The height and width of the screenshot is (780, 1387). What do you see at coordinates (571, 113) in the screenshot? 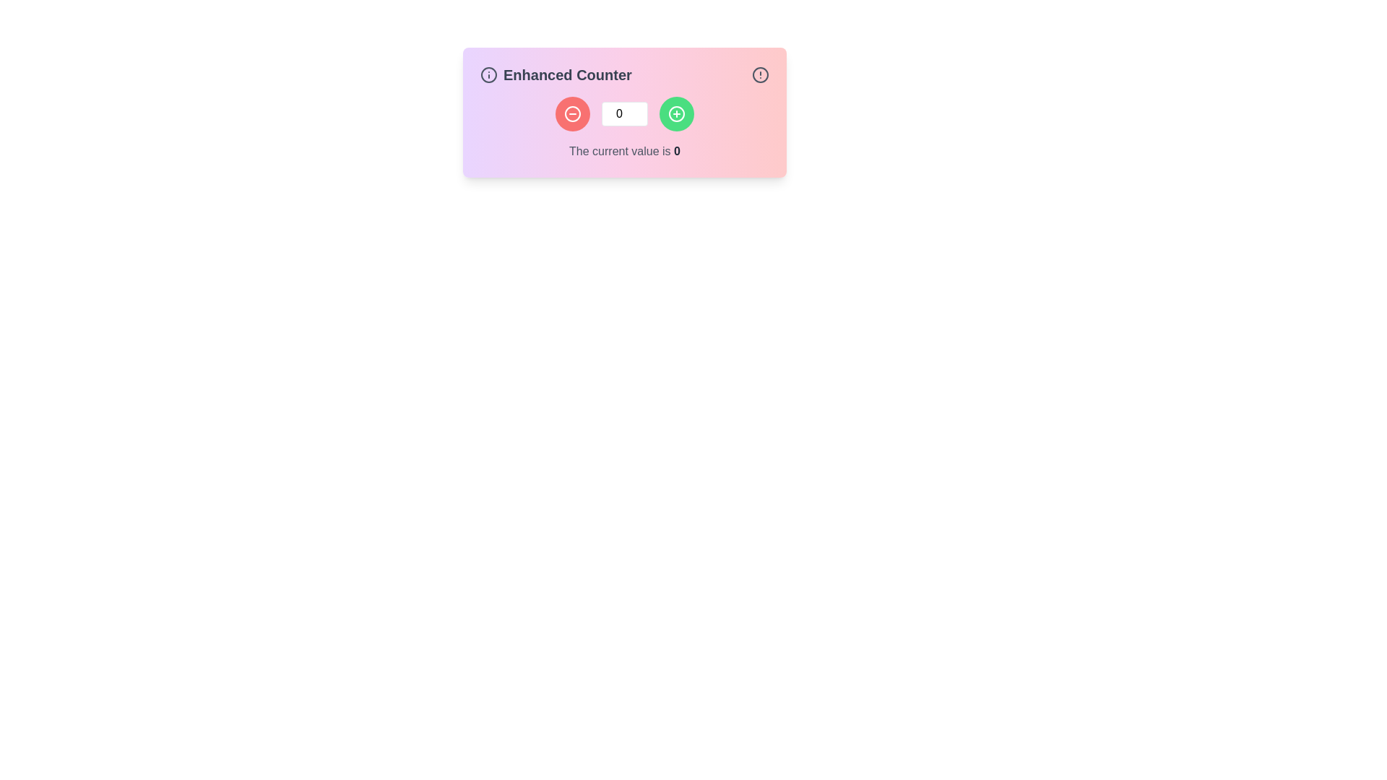
I see `the decorative SVG Circle located in the upper-left section of the interface, surrounded by a plus button and a central value display` at bounding box center [571, 113].